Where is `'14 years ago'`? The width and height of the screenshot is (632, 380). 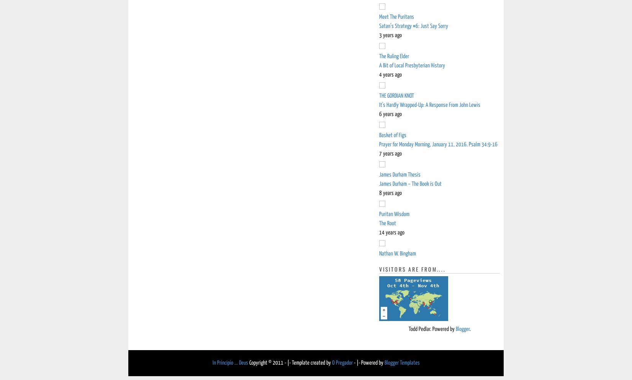 '14 years ago' is located at coordinates (392, 232).